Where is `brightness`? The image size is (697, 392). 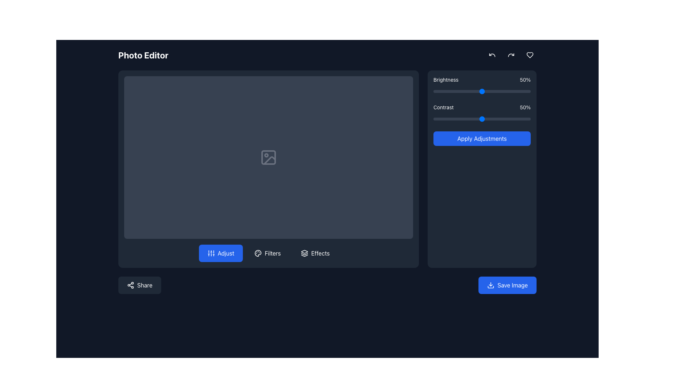
brightness is located at coordinates (527, 91).